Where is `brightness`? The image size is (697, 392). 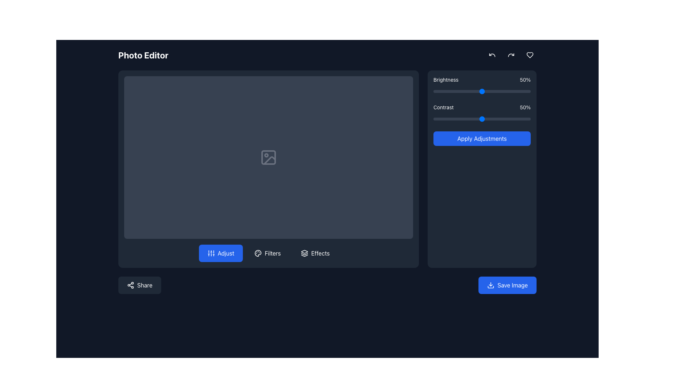
brightness is located at coordinates (527, 91).